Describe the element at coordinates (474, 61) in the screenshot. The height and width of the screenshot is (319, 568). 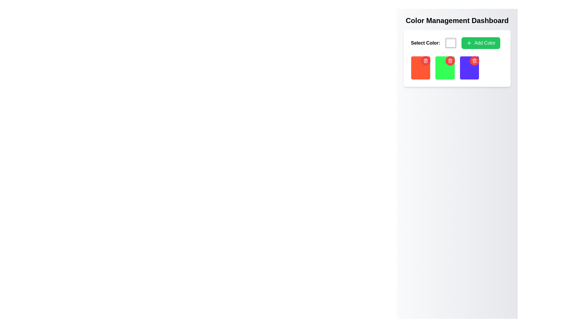
I see `the delete button located at the top-right corner of the purple card to observe the hover effect` at that location.